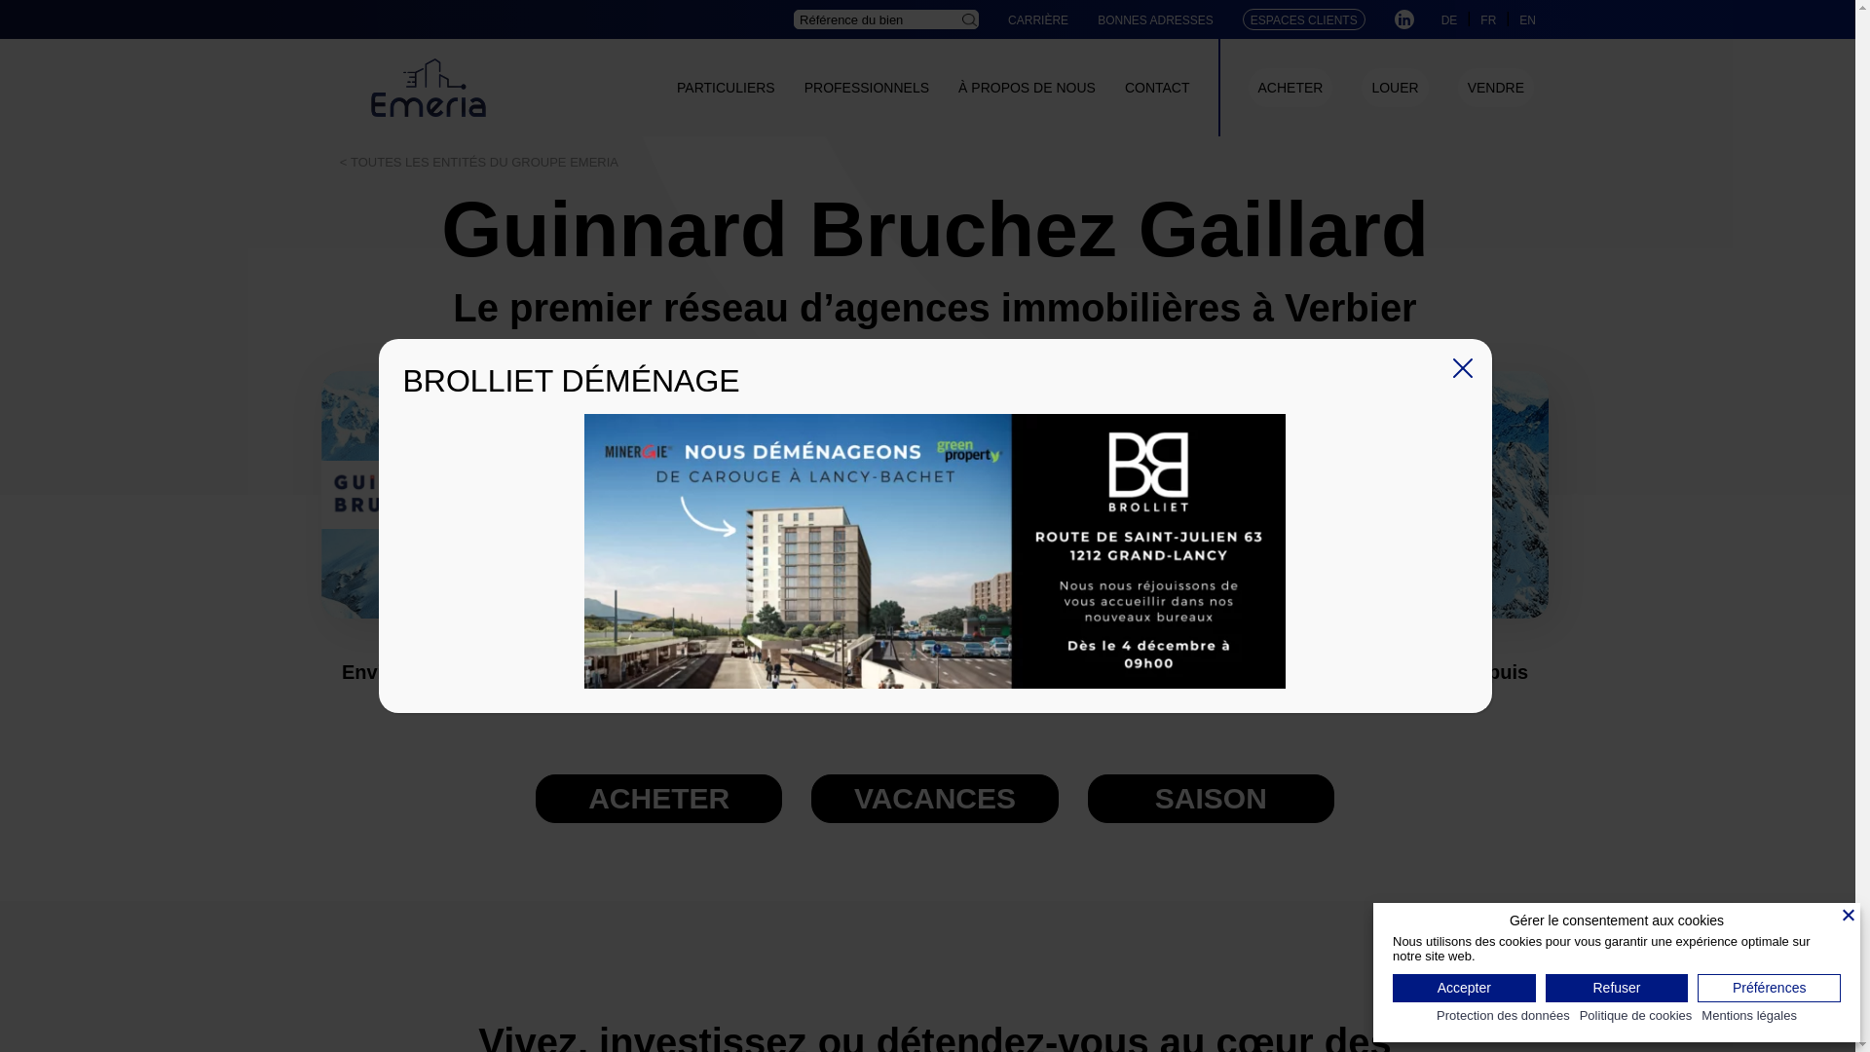 The height and width of the screenshot is (1052, 1870). What do you see at coordinates (1088, 799) in the screenshot?
I see `'SAISON'` at bounding box center [1088, 799].